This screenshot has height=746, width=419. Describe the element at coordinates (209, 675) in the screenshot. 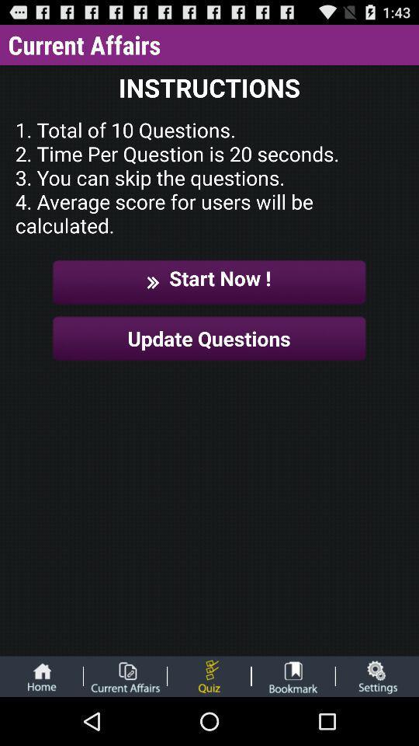

I see `opens up the quiz part of the app` at that location.